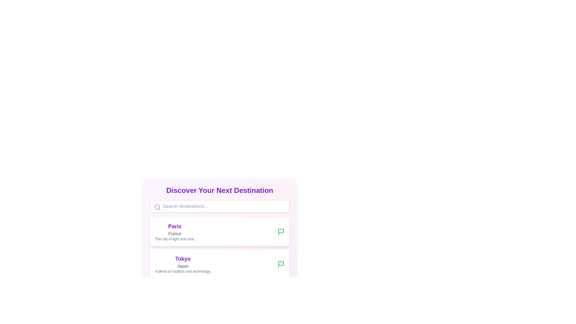 This screenshot has width=576, height=324. Describe the element at coordinates (280, 231) in the screenshot. I see `the green flag icon located at the top-right area of the 'Paris' card, which has a modern, minimalistic design` at that location.